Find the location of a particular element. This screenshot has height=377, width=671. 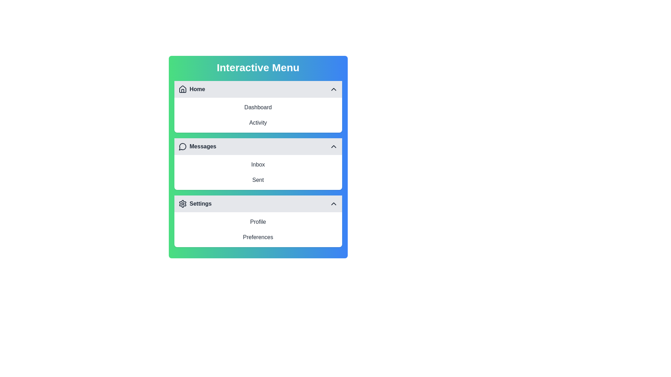

the menu item corresponding to Sent to select it is located at coordinates (258, 180).